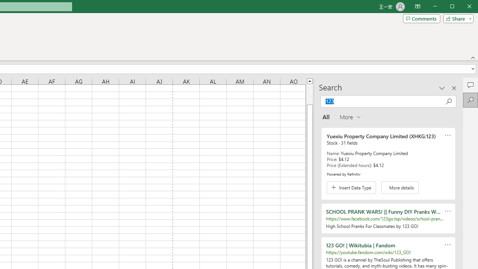 This screenshot has width=478, height=269. I want to click on 'Line up', so click(310, 81).